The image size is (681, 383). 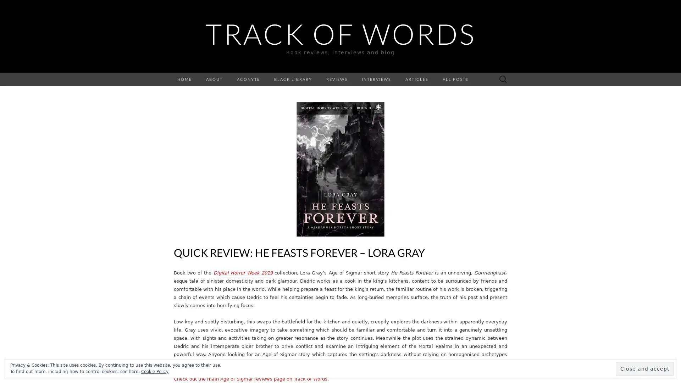 What do you see at coordinates (645, 368) in the screenshot?
I see `Close and accept` at bounding box center [645, 368].